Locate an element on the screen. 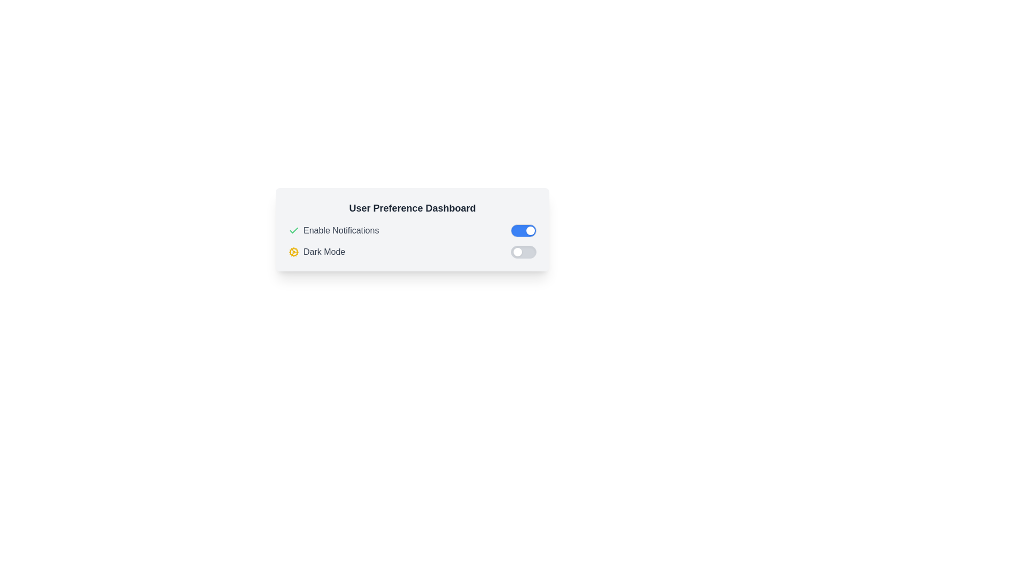 The image size is (1026, 577). the toggle switch for Dark Mode in the user preferences panel to change its state is located at coordinates (412, 252).